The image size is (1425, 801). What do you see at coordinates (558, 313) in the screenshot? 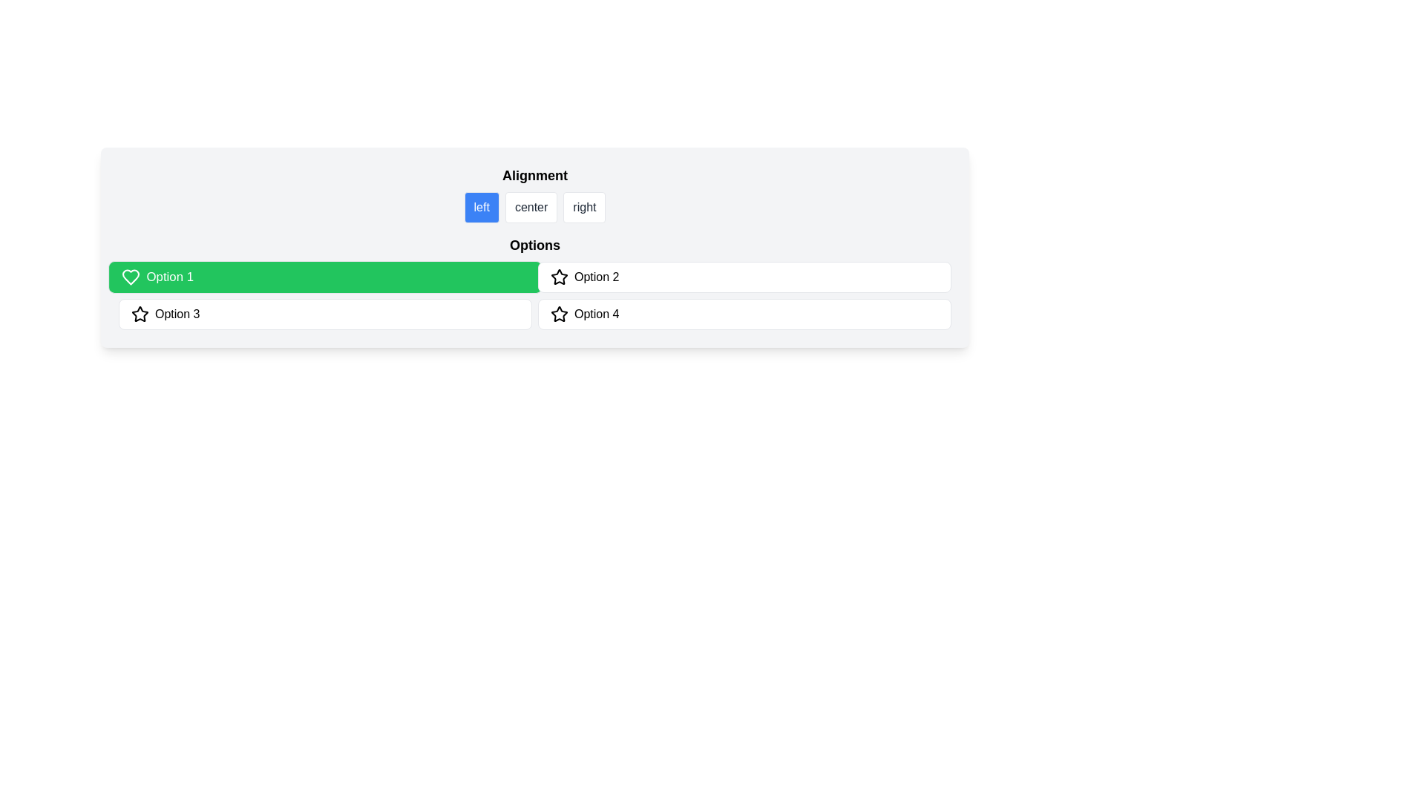
I see `the decorative icon or button for user interaction` at bounding box center [558, 313].